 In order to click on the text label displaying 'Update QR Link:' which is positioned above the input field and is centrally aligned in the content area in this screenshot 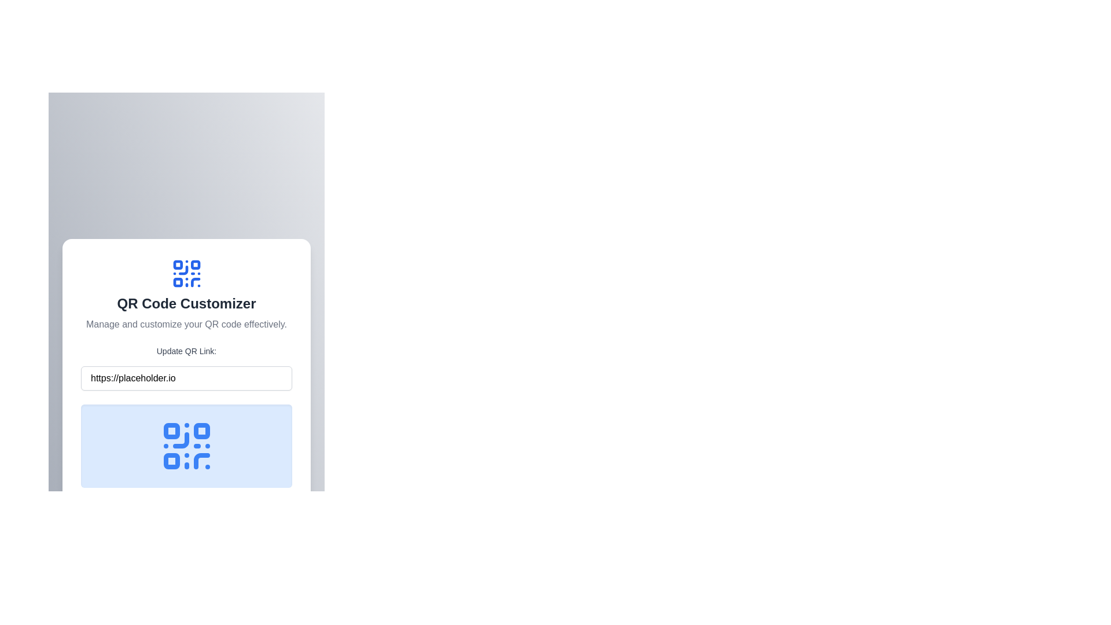, I will do `click(186, 350)`.